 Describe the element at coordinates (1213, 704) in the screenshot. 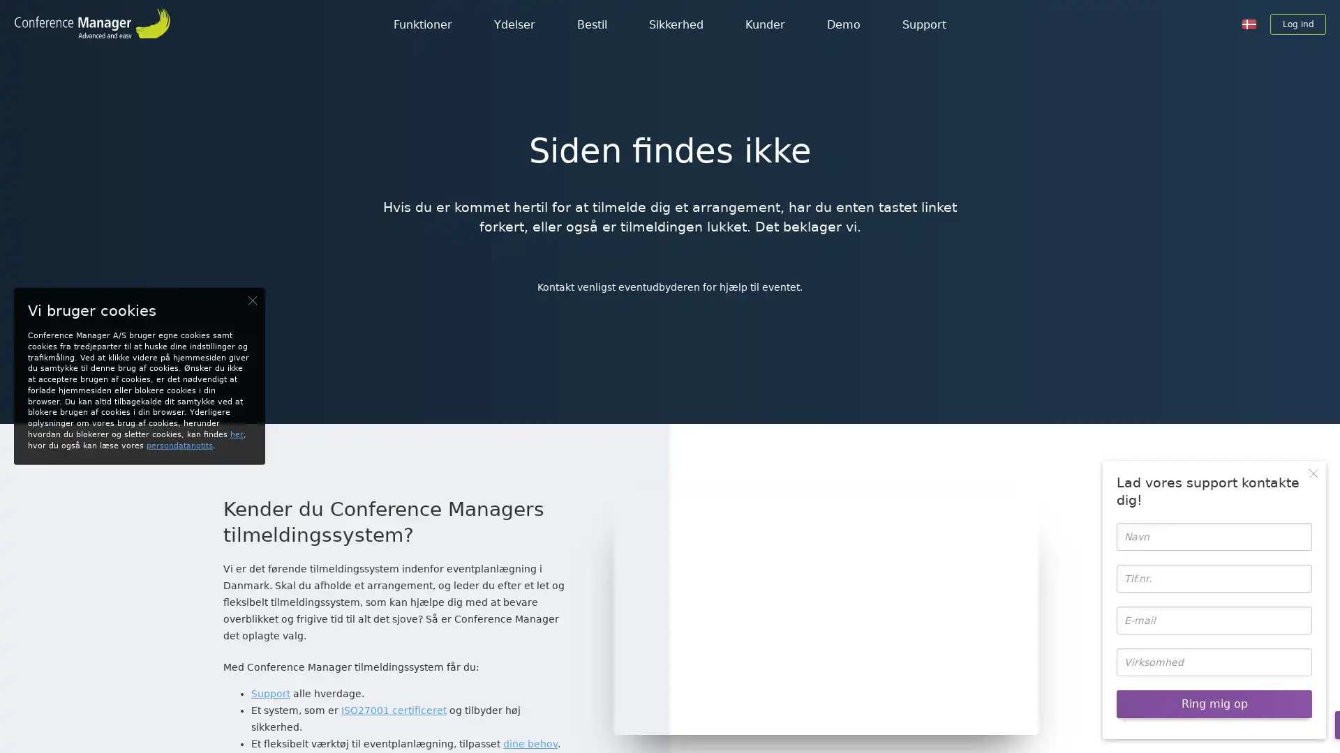

I see `Ring mig op` at that location.